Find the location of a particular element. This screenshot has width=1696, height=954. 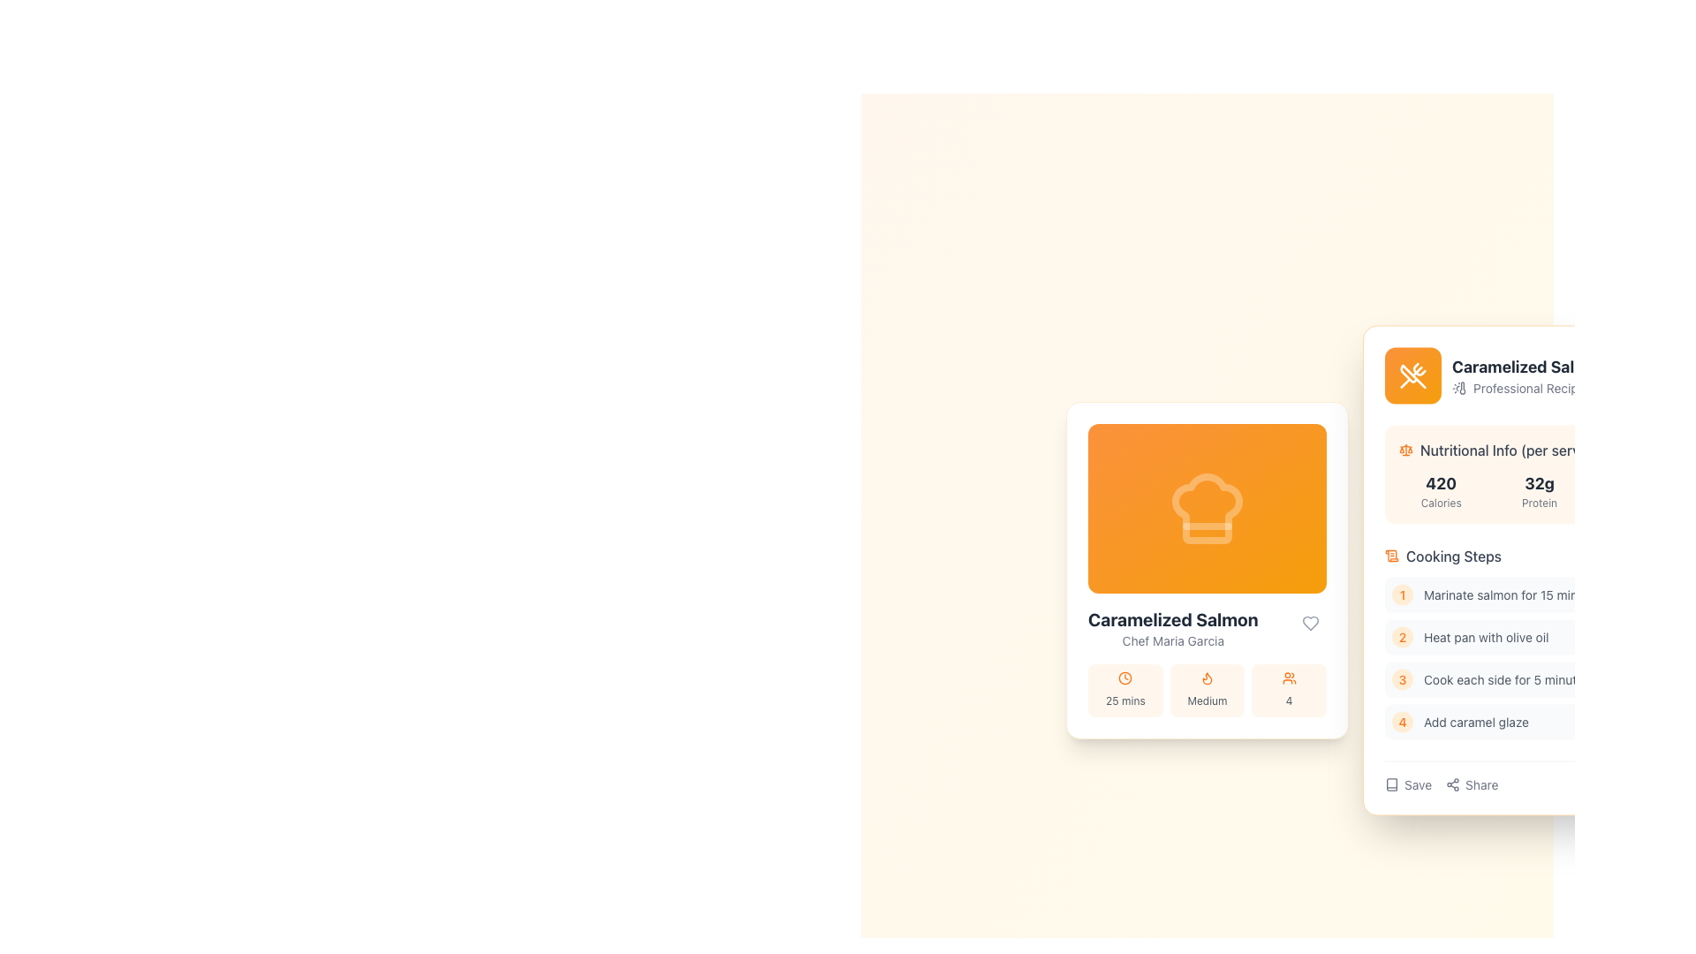

the step number icon indicating the first step in the cooking guide, which is aligned with the text 'Marinate salmon for 15 minutes' is located at coordinates (1402, 594).